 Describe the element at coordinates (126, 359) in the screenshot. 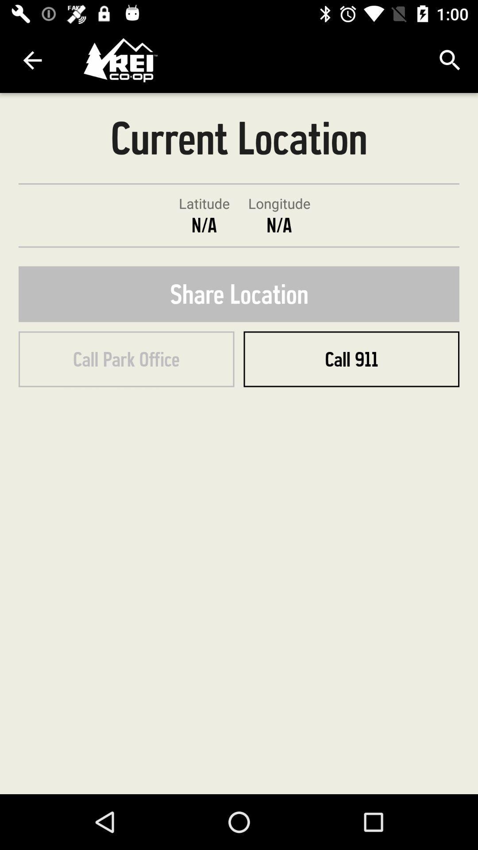

I see `icon to the left of call 911 item` at that location.